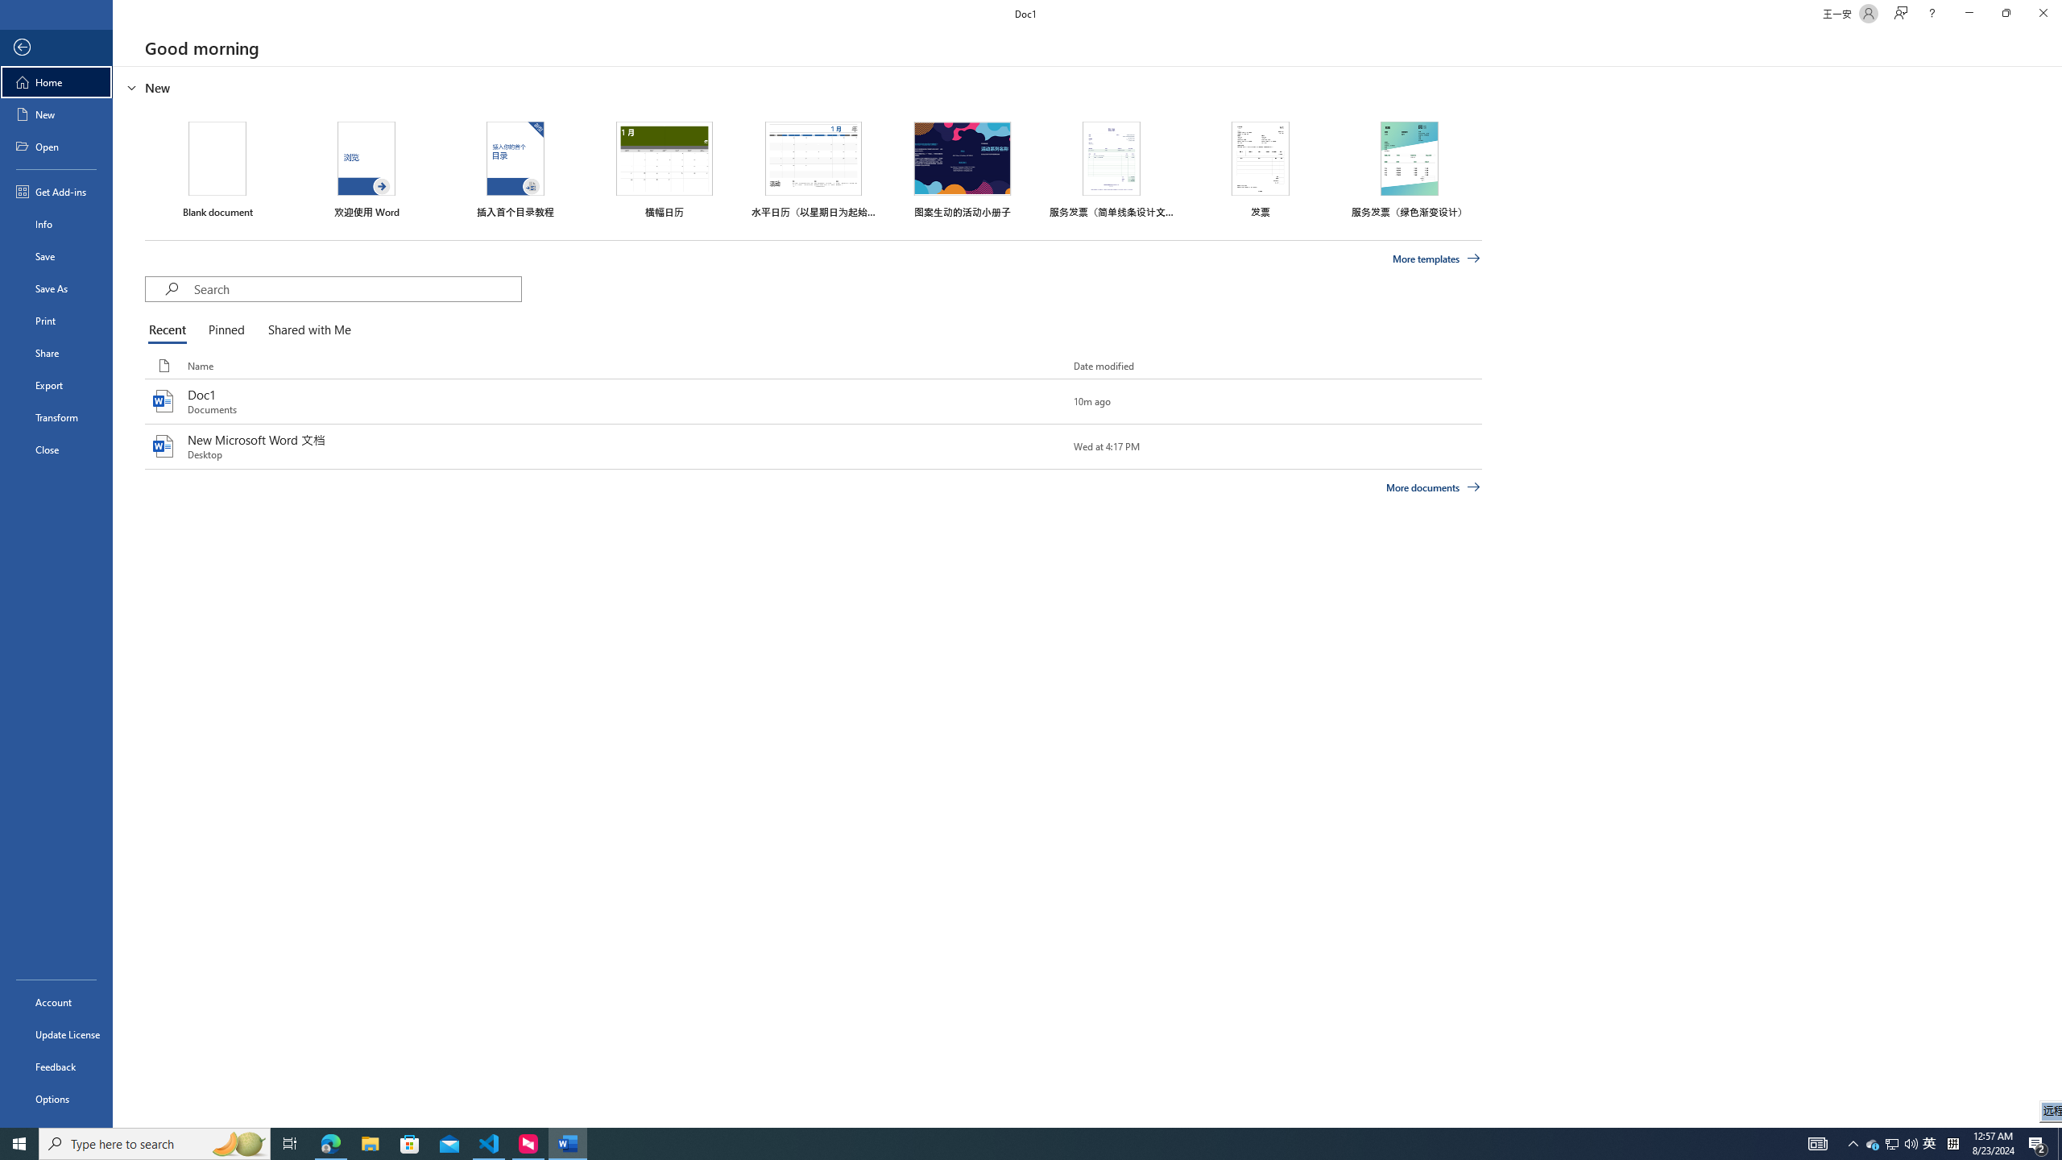 This screenshot has height=1160, width=2062. I want to click on 'Recent', so click(170, 330).